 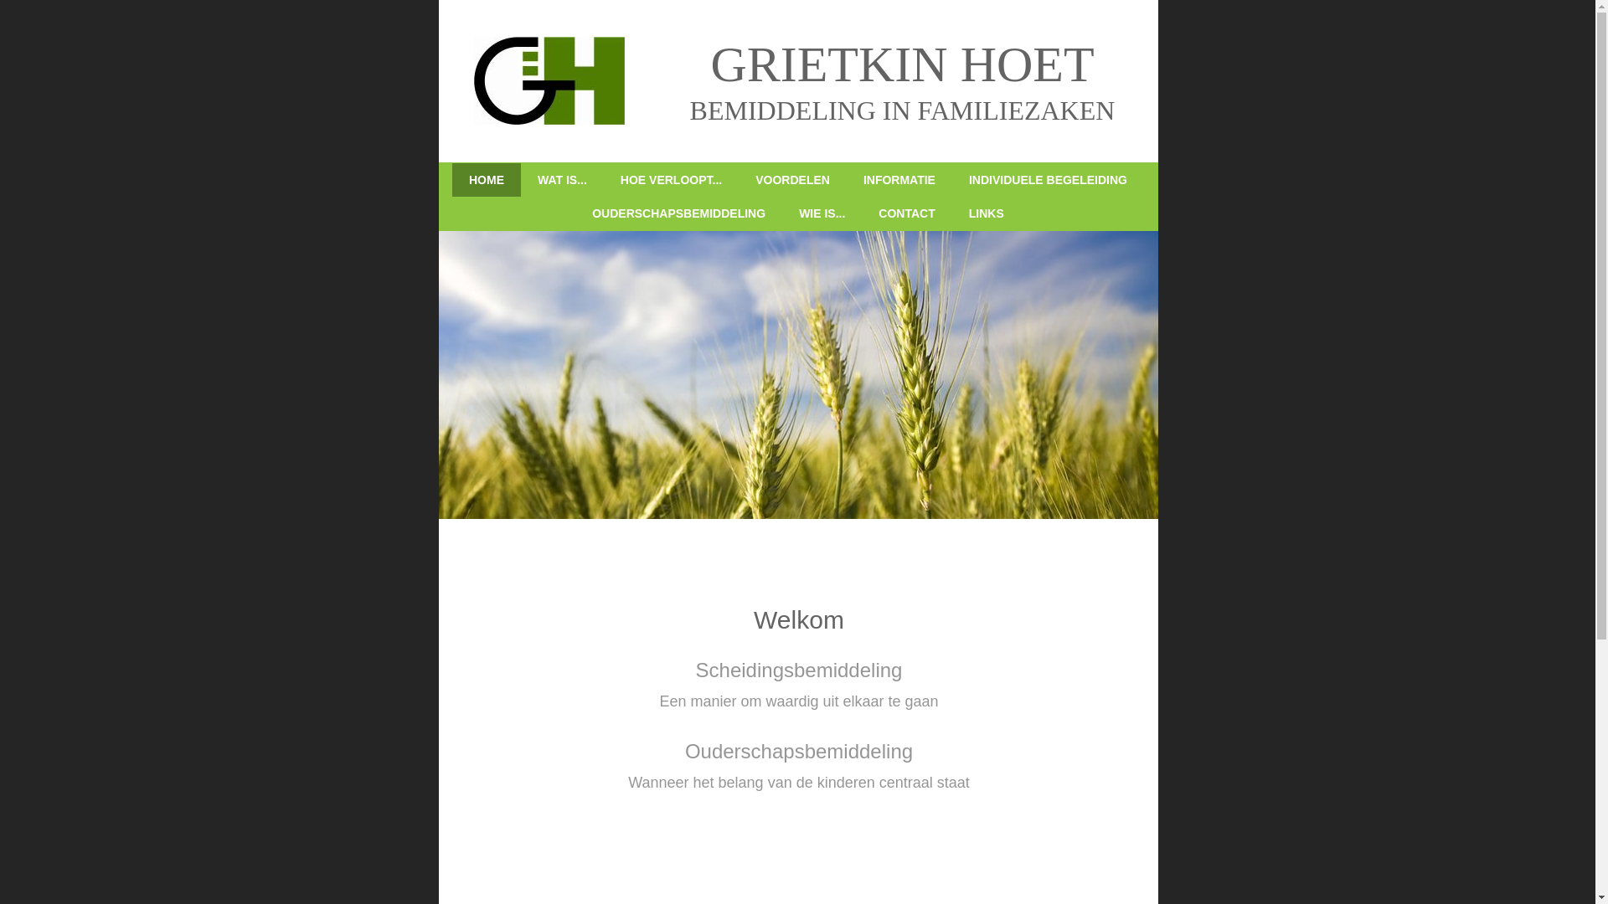 What do you see at coordinates (520, 180) in the screenshot?
I see `'WAT IS...'` at bounding box center [520, 180].